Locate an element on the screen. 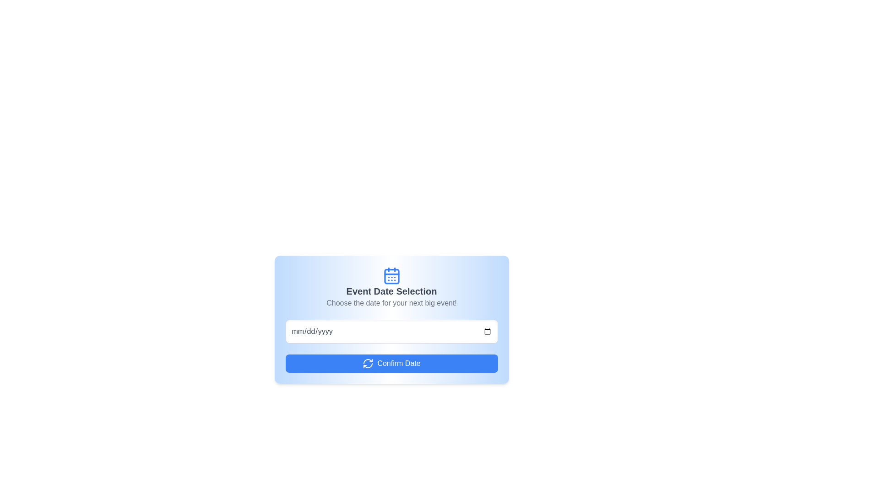  the small square within the calendar icon located above the main title 'Event Date Selection' is located at coordinates (391, 276).